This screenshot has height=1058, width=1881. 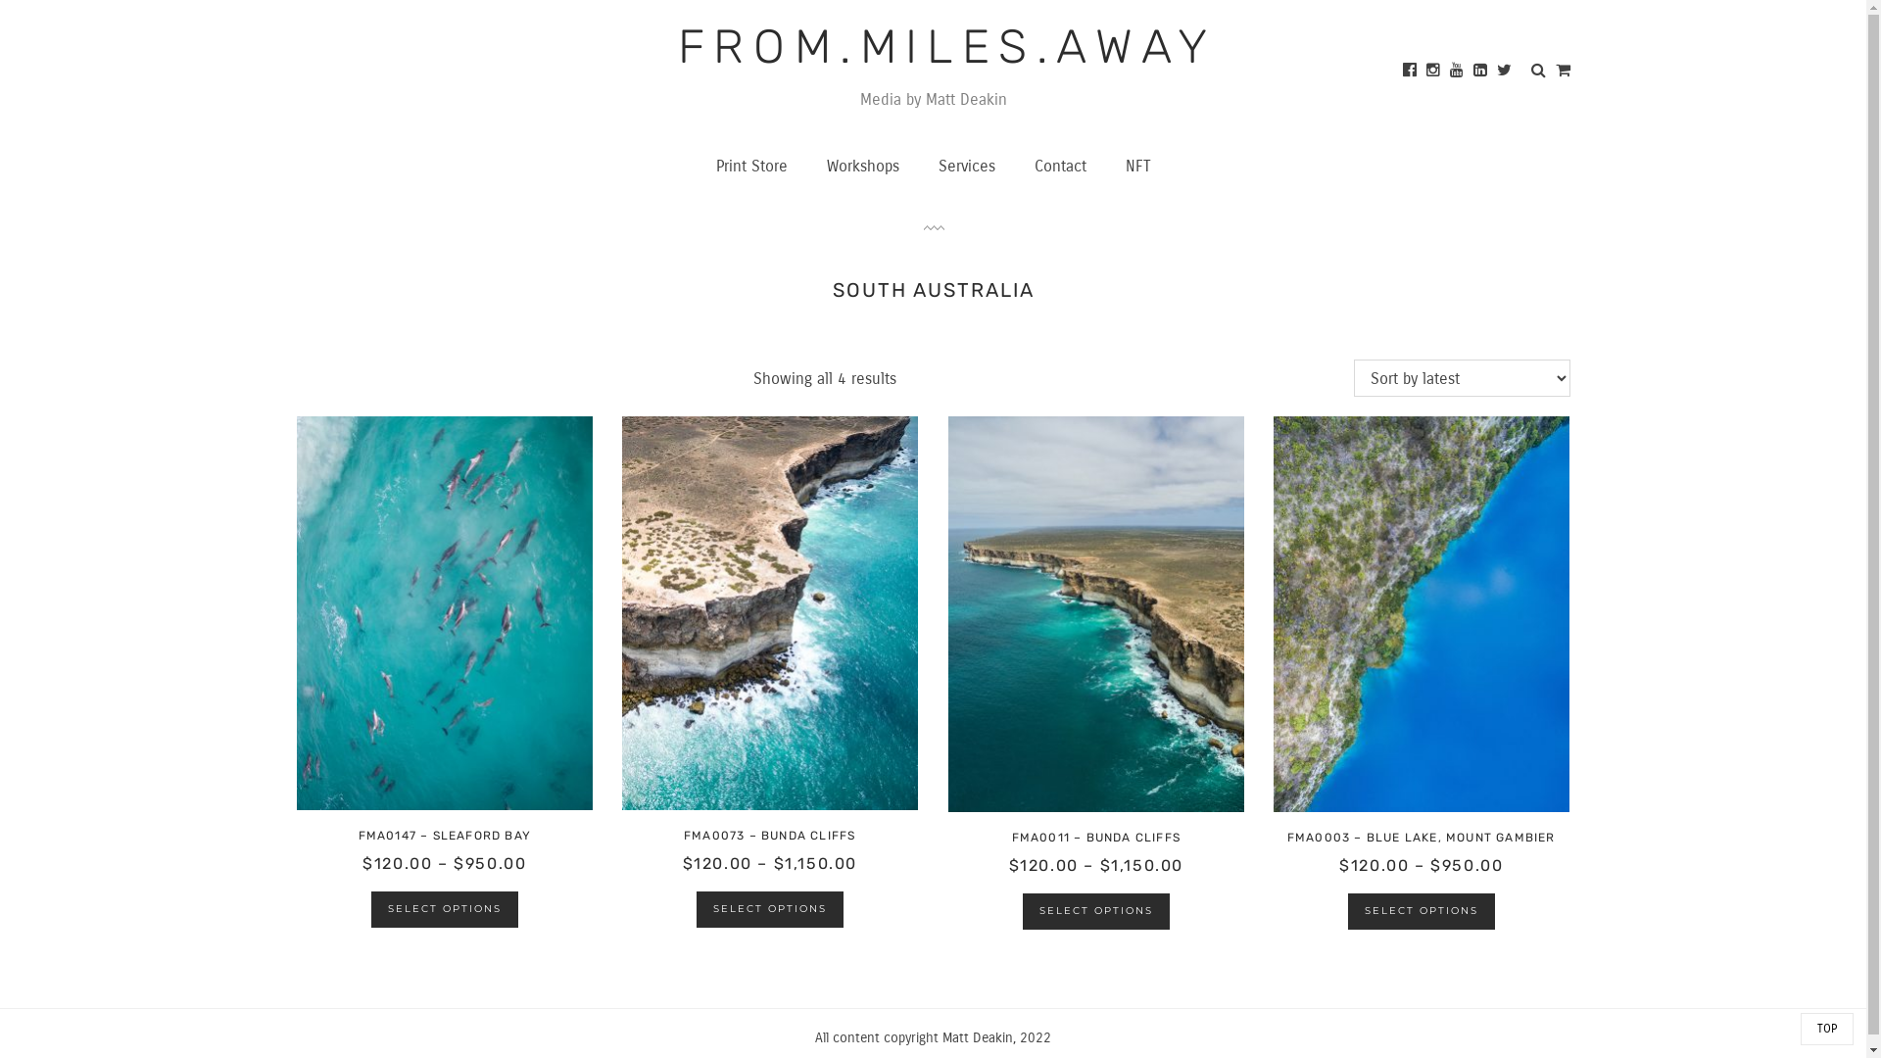 What do you see at coordinates (1095, 613) in the screenshot?
I see `'FMA0011 - POR'` at bounding box center [1095, 613].